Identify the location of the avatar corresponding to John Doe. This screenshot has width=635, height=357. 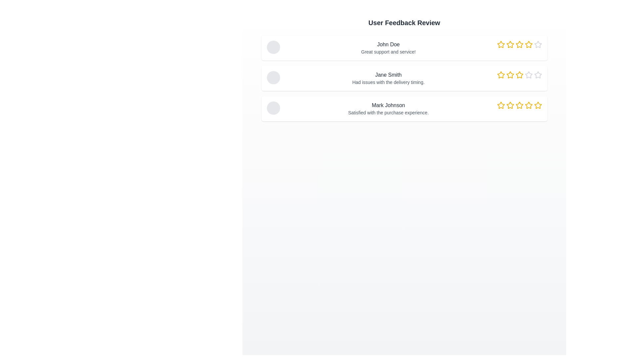
(273, 47).